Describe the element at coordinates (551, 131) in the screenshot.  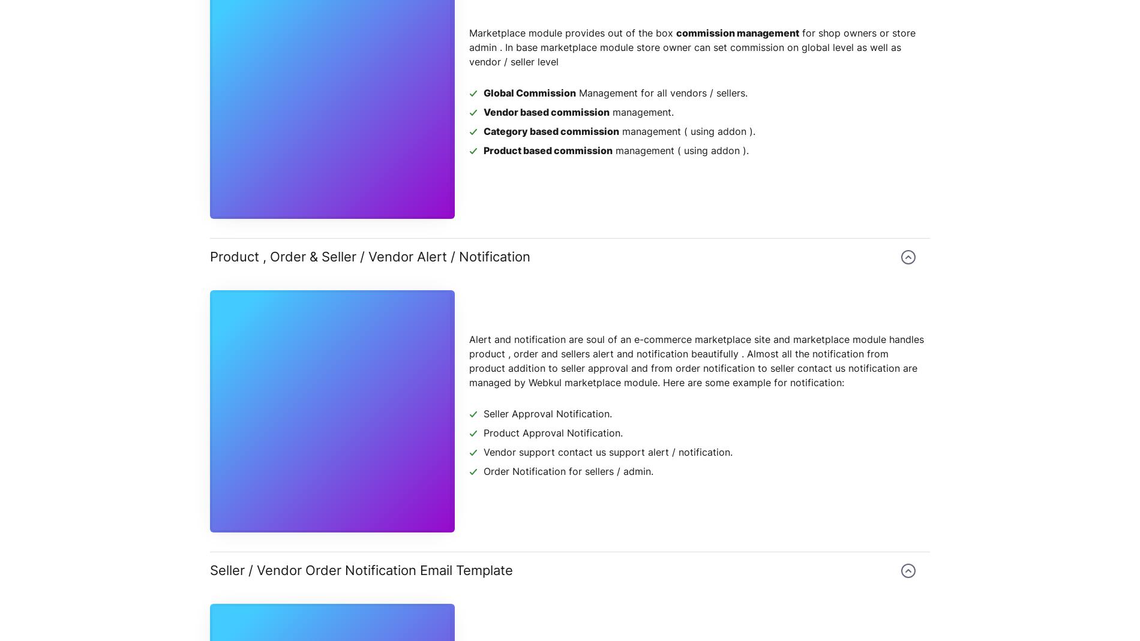
I see `'Category based commission'` at that location.